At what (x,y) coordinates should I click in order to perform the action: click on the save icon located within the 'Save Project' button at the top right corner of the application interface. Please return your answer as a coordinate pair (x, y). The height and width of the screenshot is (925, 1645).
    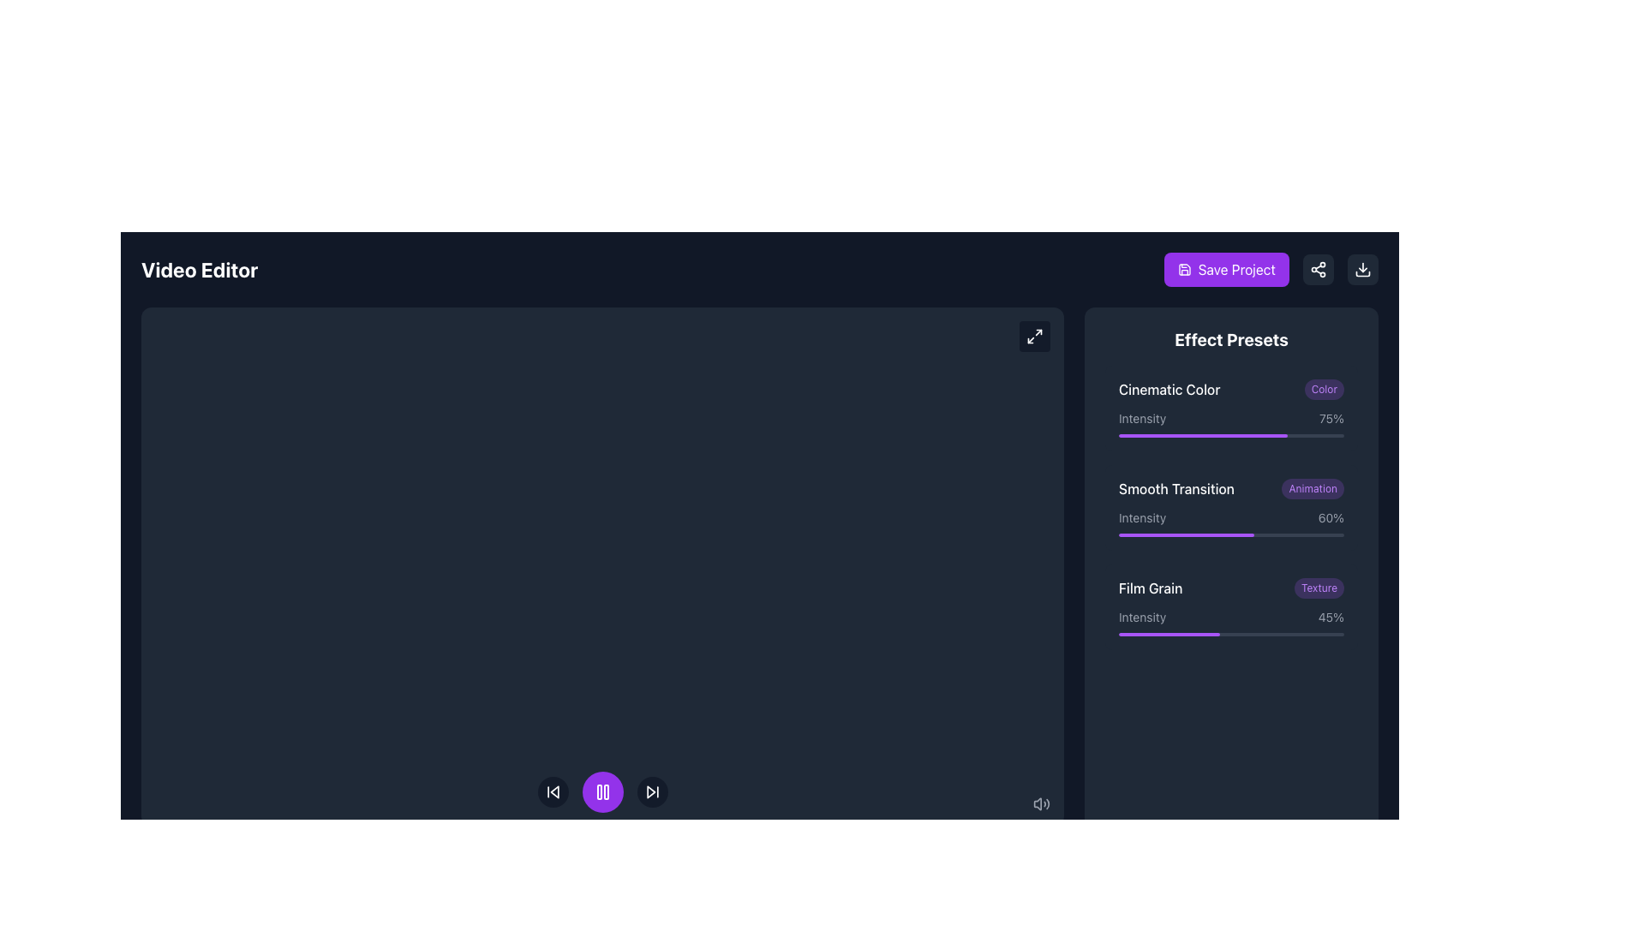
    Looking at the image, I should click on (1183, 270).